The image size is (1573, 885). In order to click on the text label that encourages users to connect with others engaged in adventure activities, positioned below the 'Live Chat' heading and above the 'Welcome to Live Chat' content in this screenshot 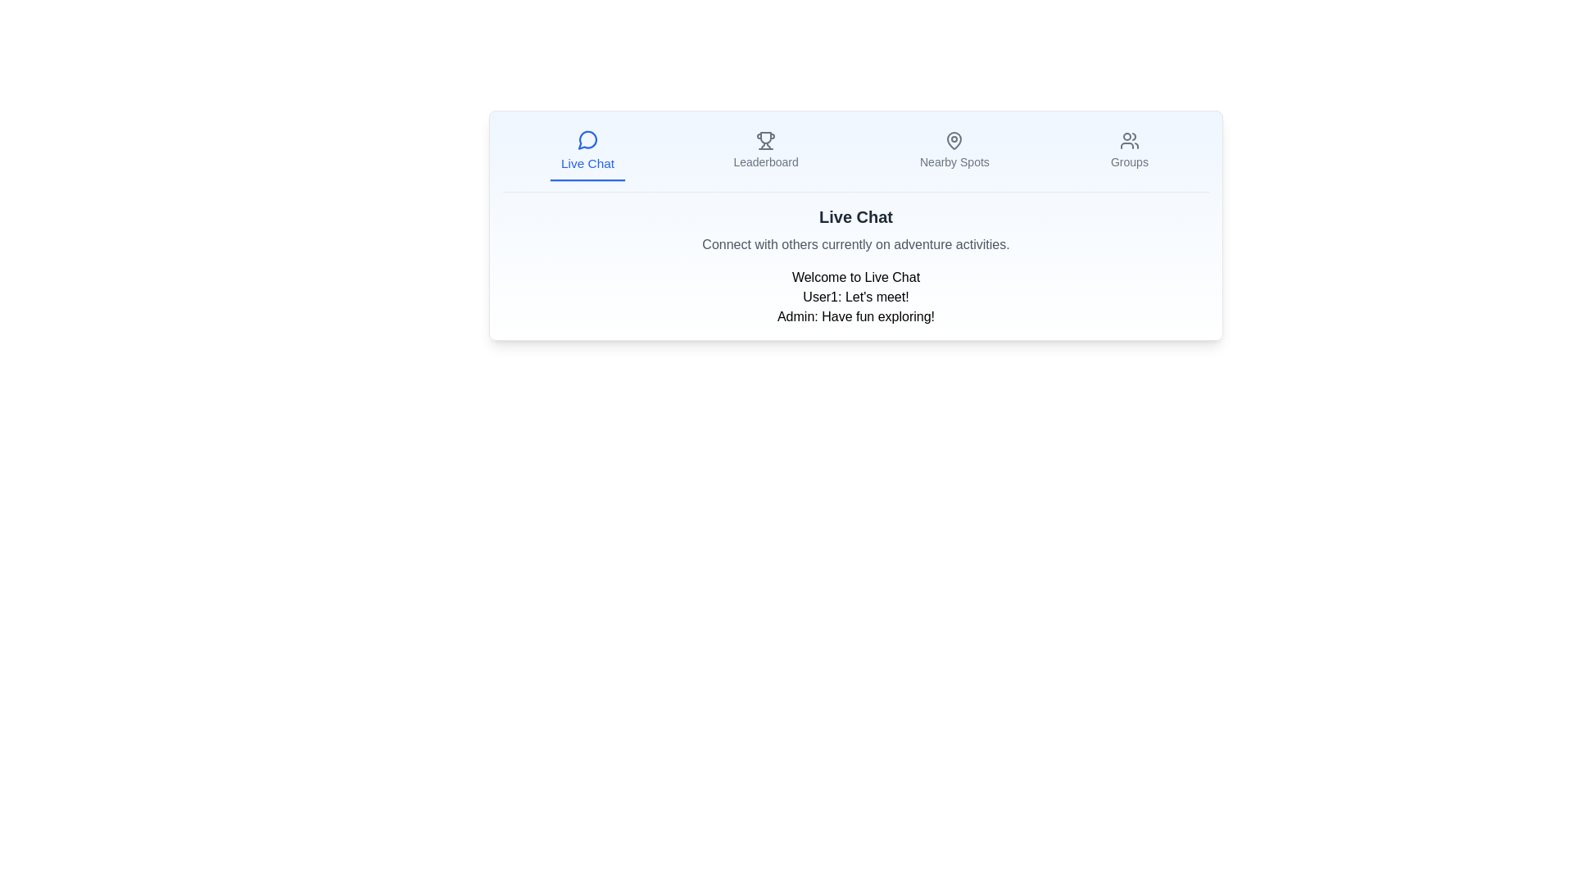, I will do `click(855, 245)`.